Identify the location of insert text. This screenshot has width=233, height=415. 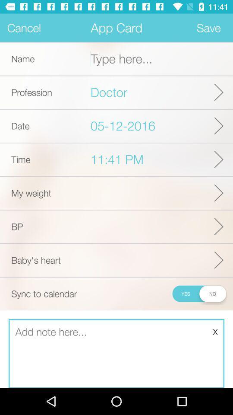
(116, 354).